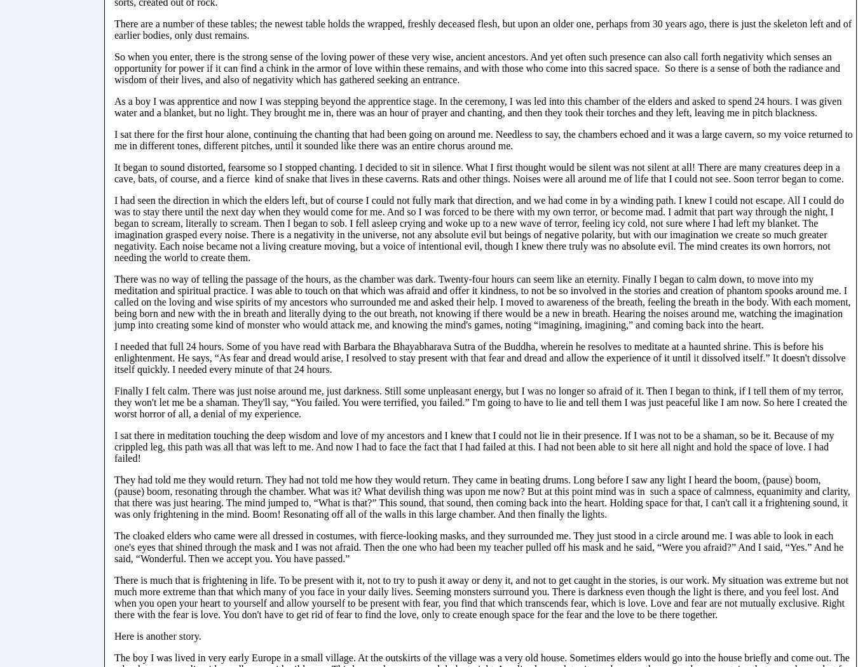 Image resolution: width=858 pixels, height=667 pixels. What do you see at coordinates (476, 67) in the screenshot?
I see `'So when you enter, there is the strong sense of the loving power of these very wise, ancient ancestors. And yet often such presence can also call forth negativity which senses an opportunity for power if it can find a chink in the armor of love within these remains, and with those who come into this sacred space.  So there is a sense of both the radiance and wisdom of their lives, and also of negativity which has gathered seeking an entrance.'` at bounding box center [476, 67].